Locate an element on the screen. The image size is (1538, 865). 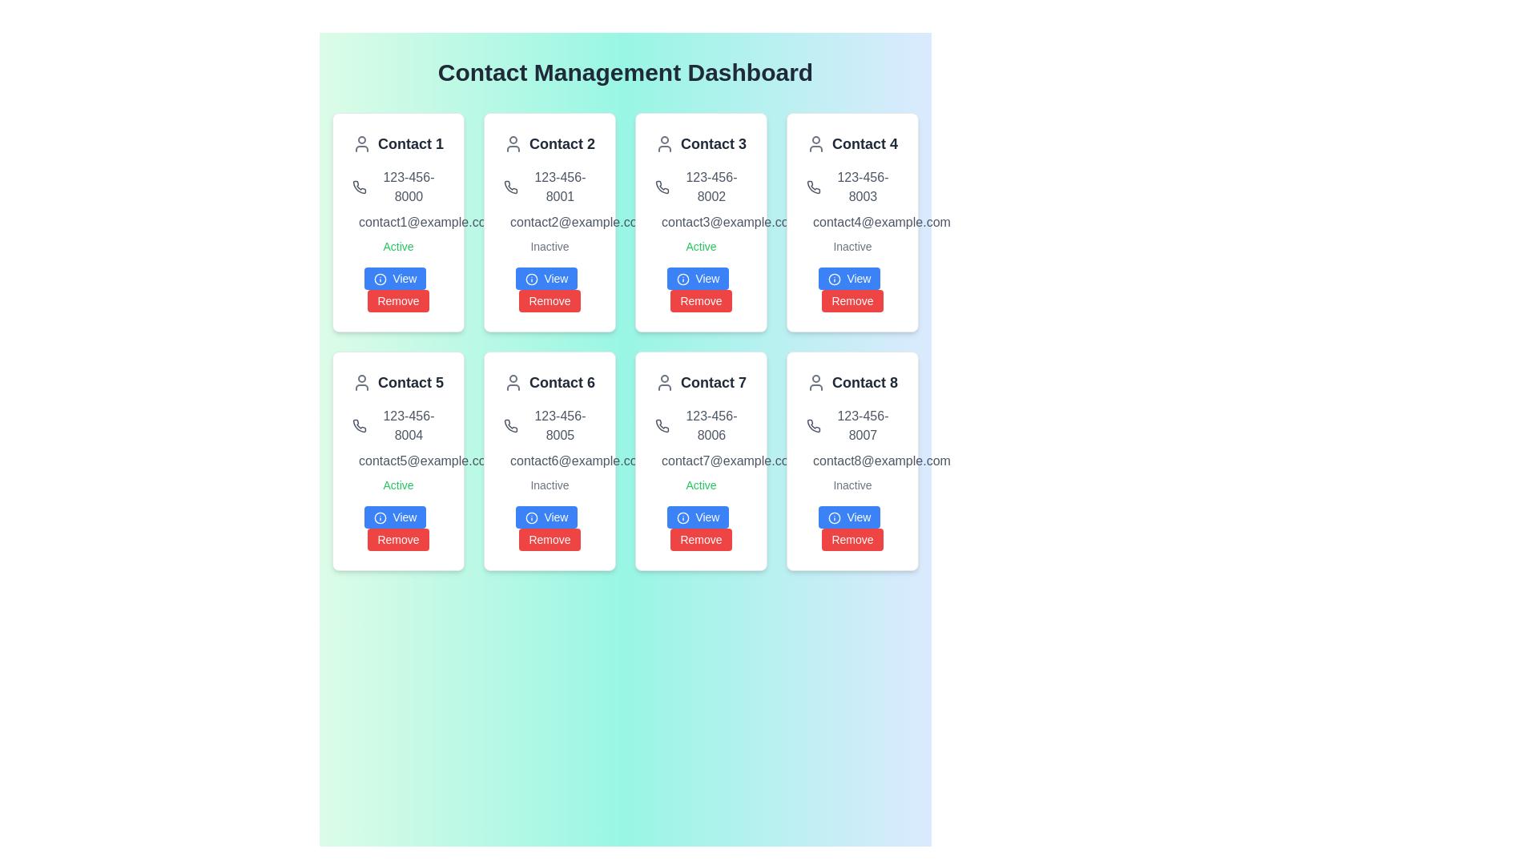
the first button below the 'Contact 1' card in the 'Contact Management Dashboard' is located at coordinates (395, 277).